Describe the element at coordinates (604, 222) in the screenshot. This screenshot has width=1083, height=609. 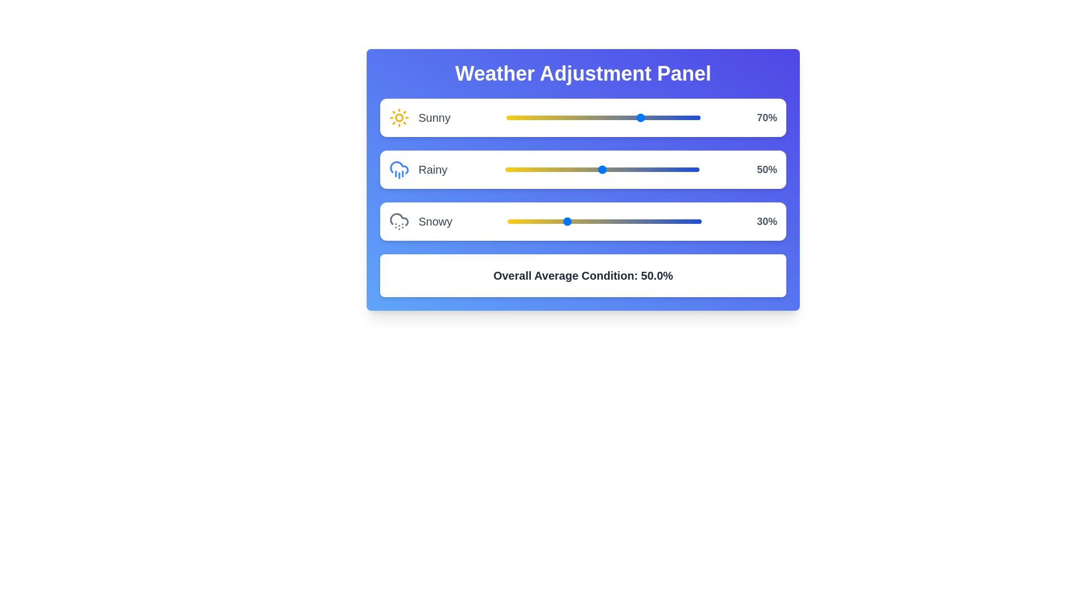
I see `the track of the horizontal input slider labeled 'Snowy' to move the knob, currently set at 30% of the maximum range` at that location.